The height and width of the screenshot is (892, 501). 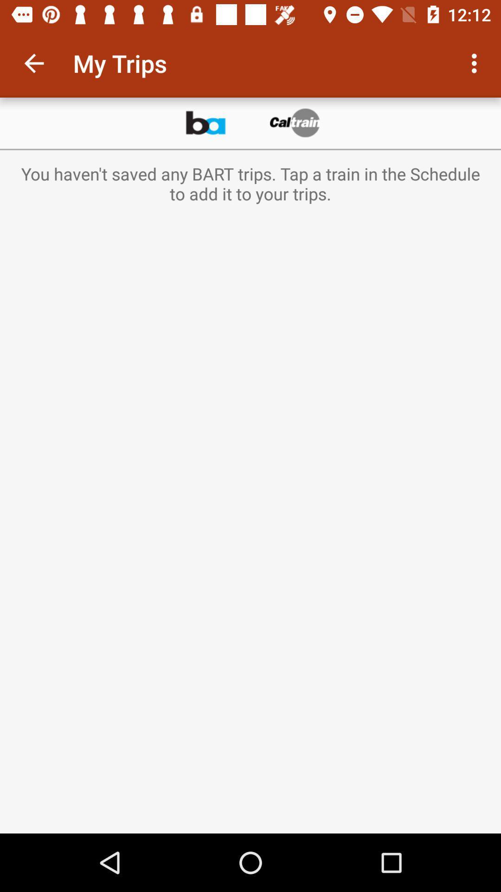 What do you see at coordinates (295, 123) in the screenshot?
I see `open caltrain` at bounding box center [295, 123].